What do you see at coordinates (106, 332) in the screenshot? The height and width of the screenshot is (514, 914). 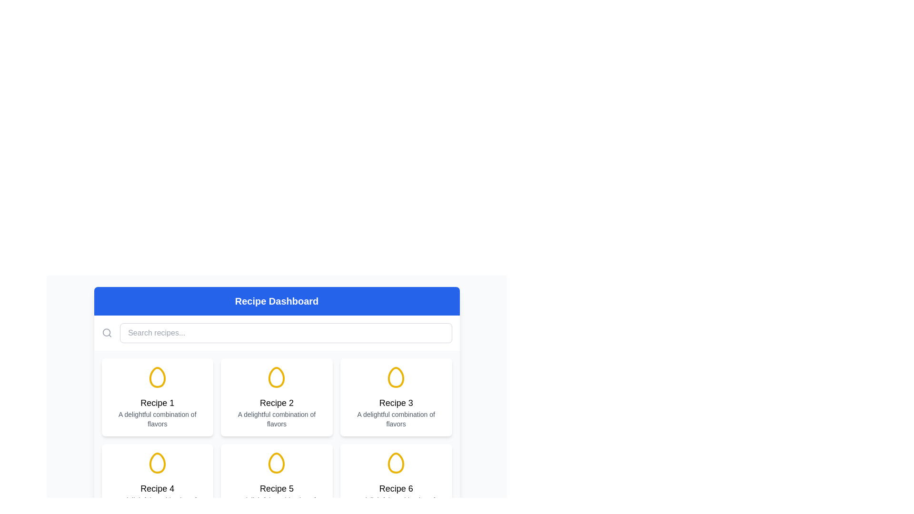 I see `the circular search icon located at the top left corner of the header bar, which is characterized by its minimalistic outlined design` at bounding box center [106, 332].